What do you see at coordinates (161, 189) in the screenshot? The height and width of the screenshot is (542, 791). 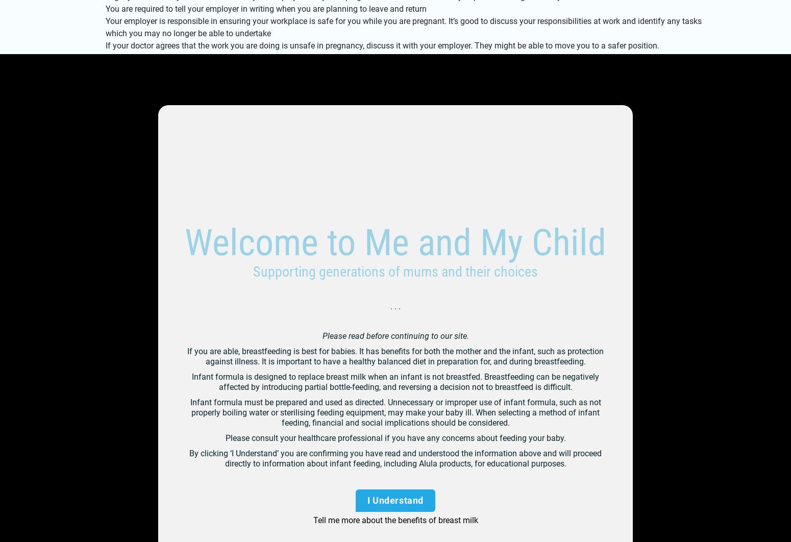 I see `'1800 552 229'` at bounding box center [161, 189].